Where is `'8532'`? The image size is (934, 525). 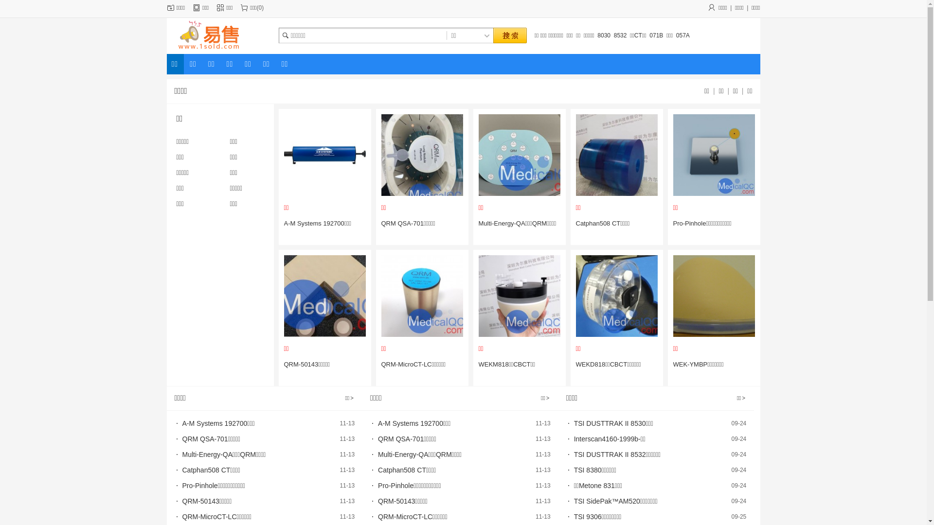 '8532' is located at coordinates (620, 35).